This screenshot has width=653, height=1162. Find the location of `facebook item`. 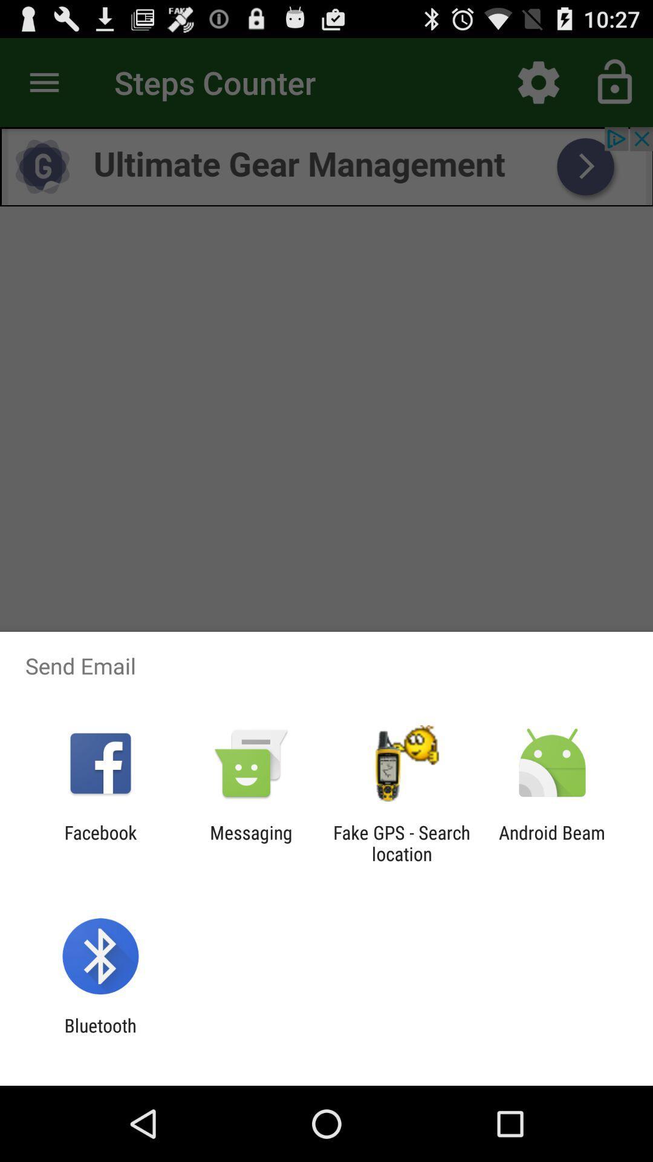

facebook item is located at coordinates (100, 842).